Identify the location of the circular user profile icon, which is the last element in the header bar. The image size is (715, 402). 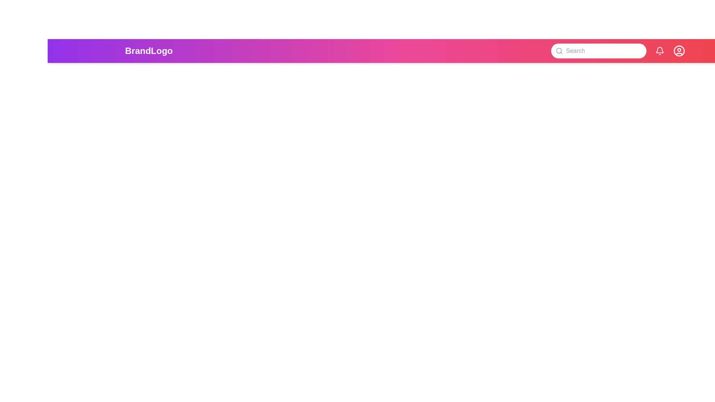
(679, 51).